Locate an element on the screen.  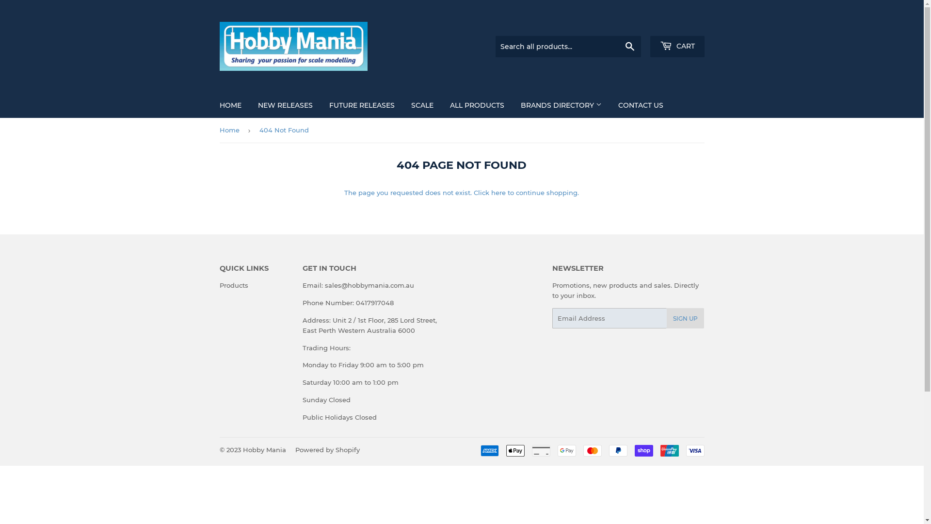
'Products' is located at coordinates (233, 284).